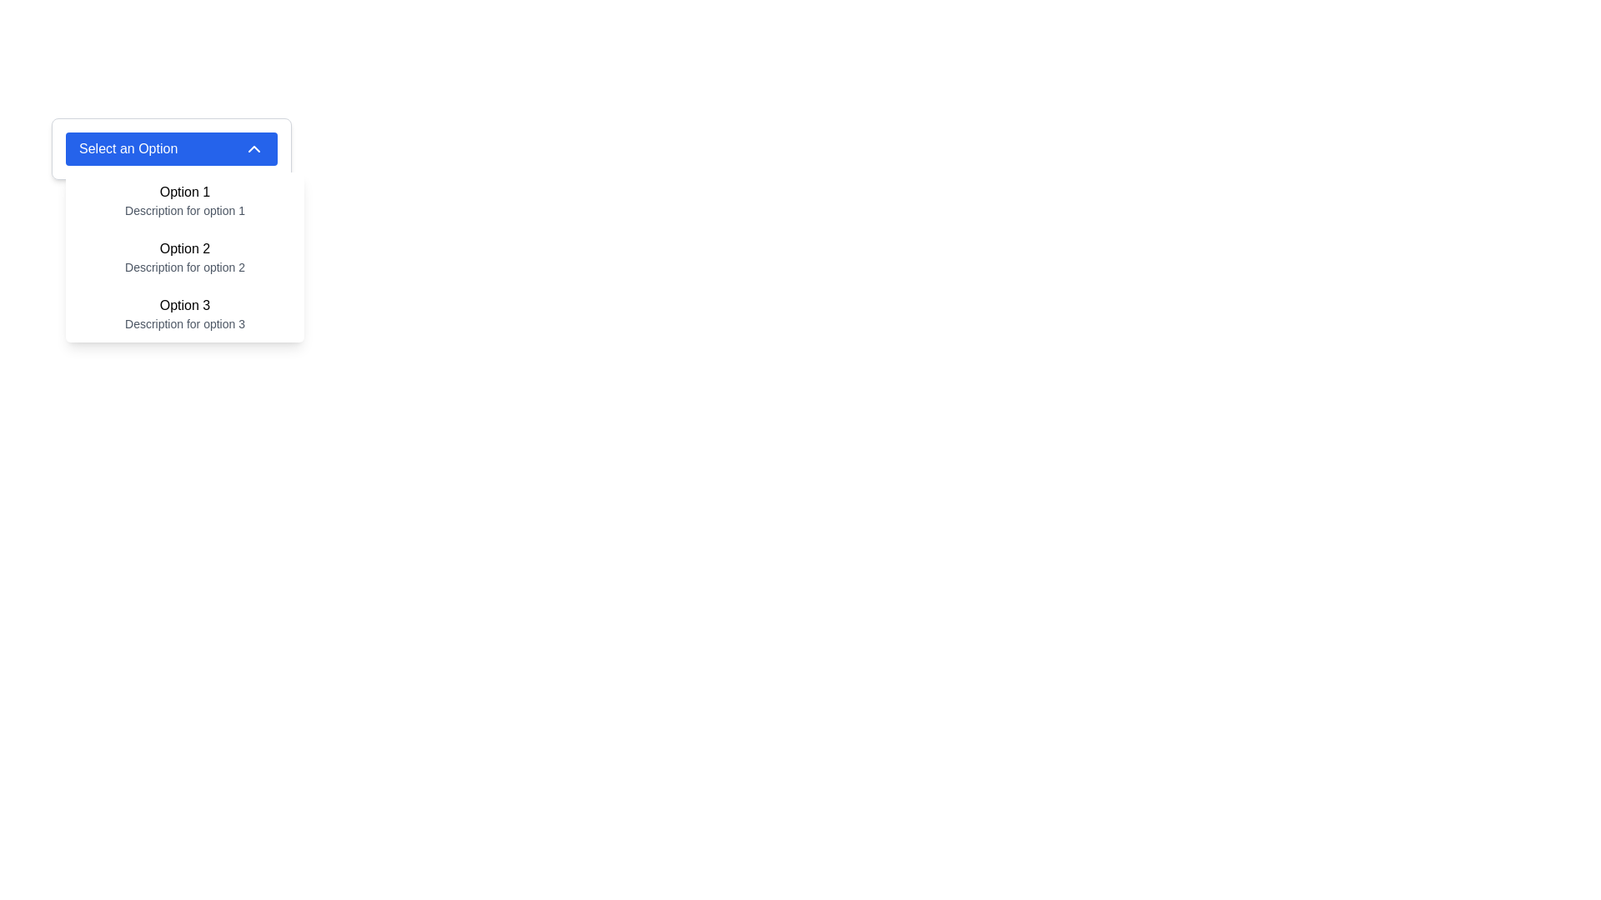  Describe the element at coordinates (184, 257) in the screenshot. I see `the Dropdown menu located below the 'Select an Option' button, which has an arrow symbol and includes the second option titled 'Option 2'` at that location.